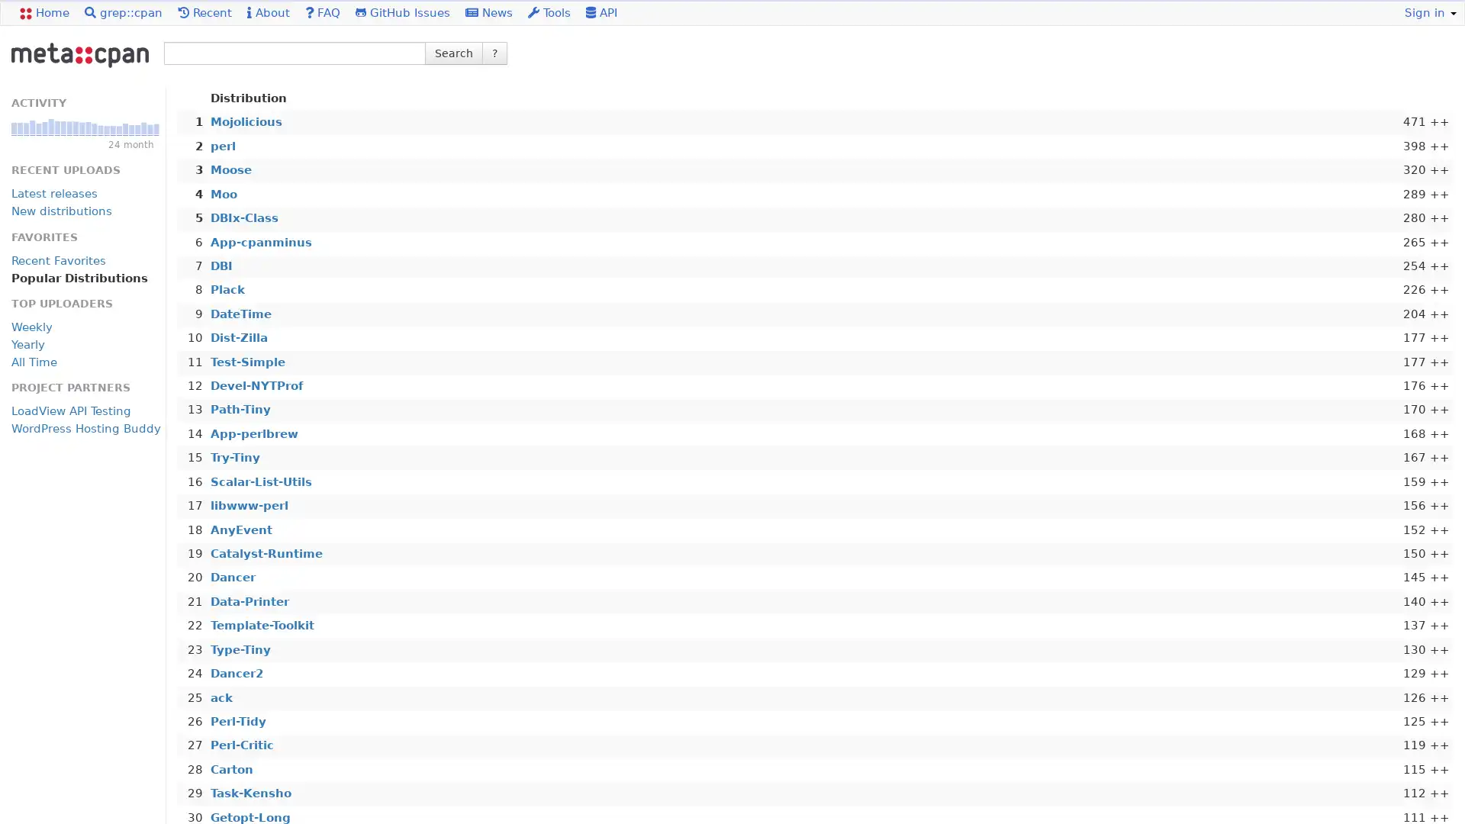 This screenshot has height=824, width=1465. Describe the element at coordinates (453, 52) in the screenshot. I see `Search` at that location.